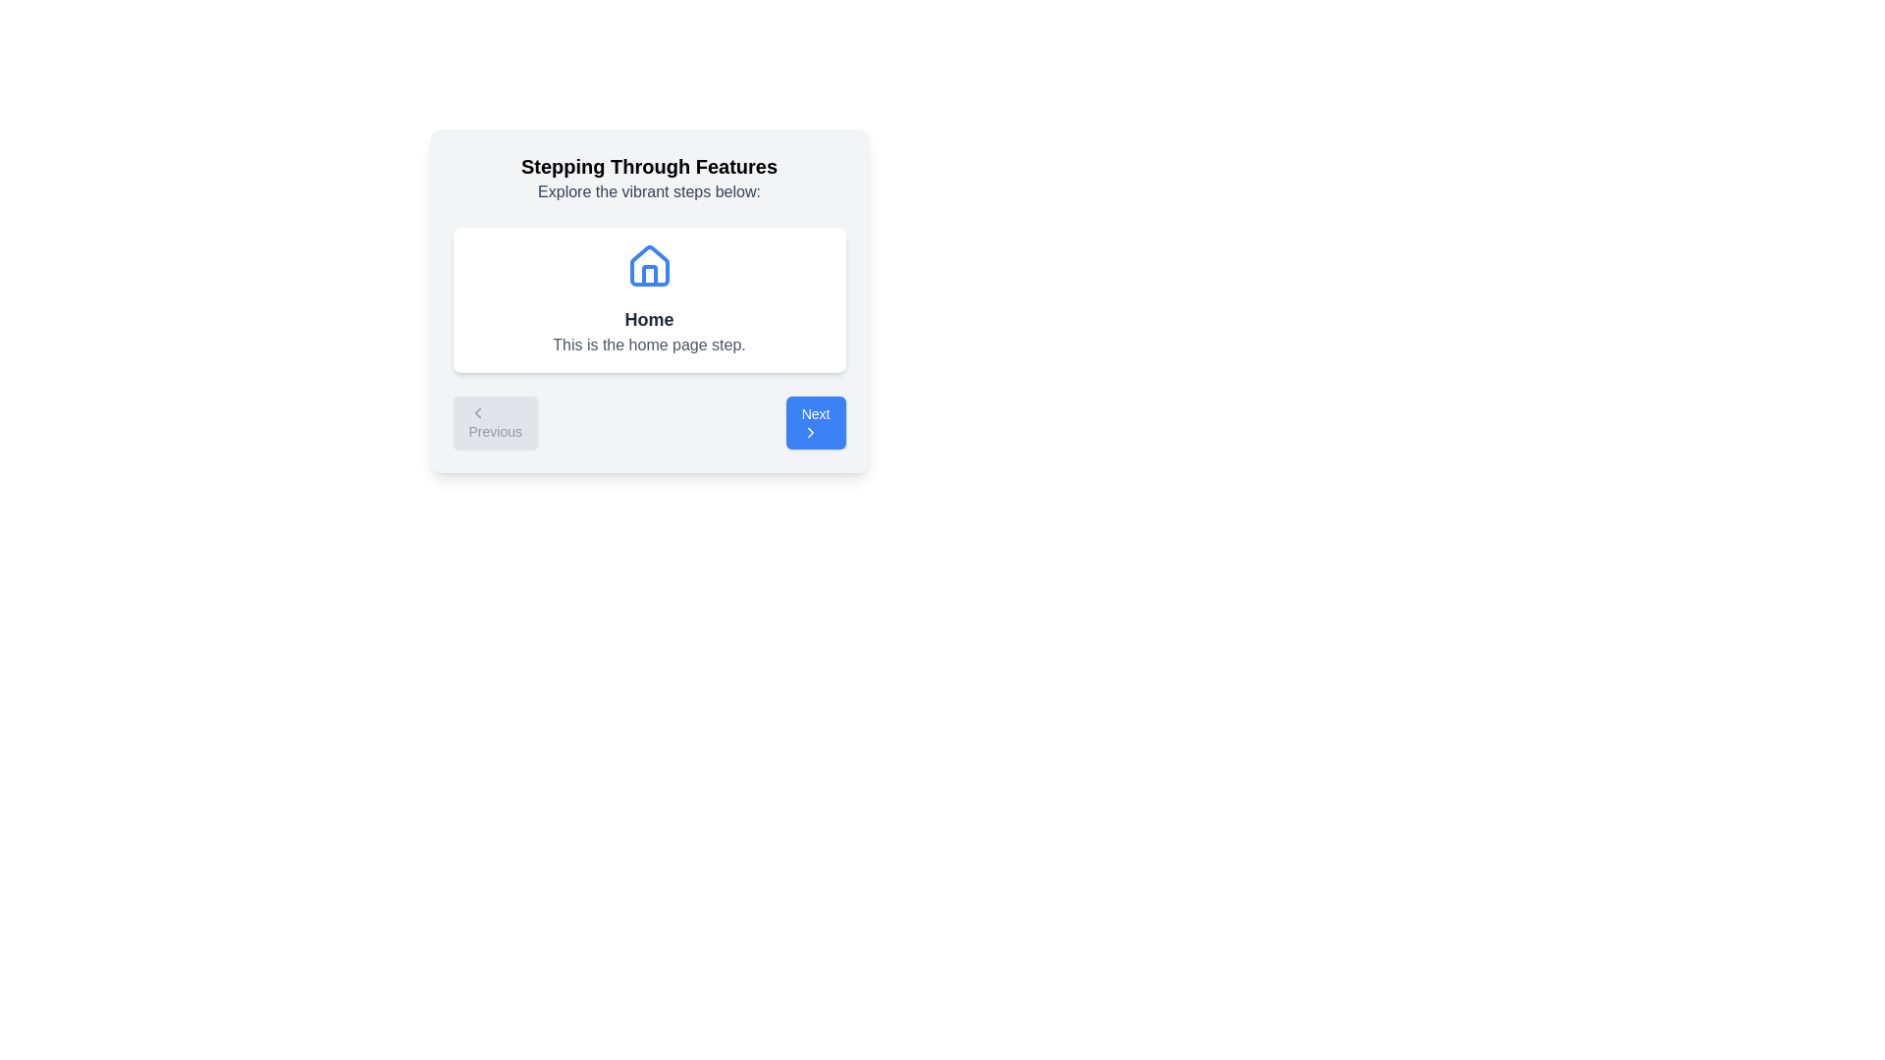  I want to click on the decorative element that is part of the house icon in the central card labeled 'Home', so click(649, 276).